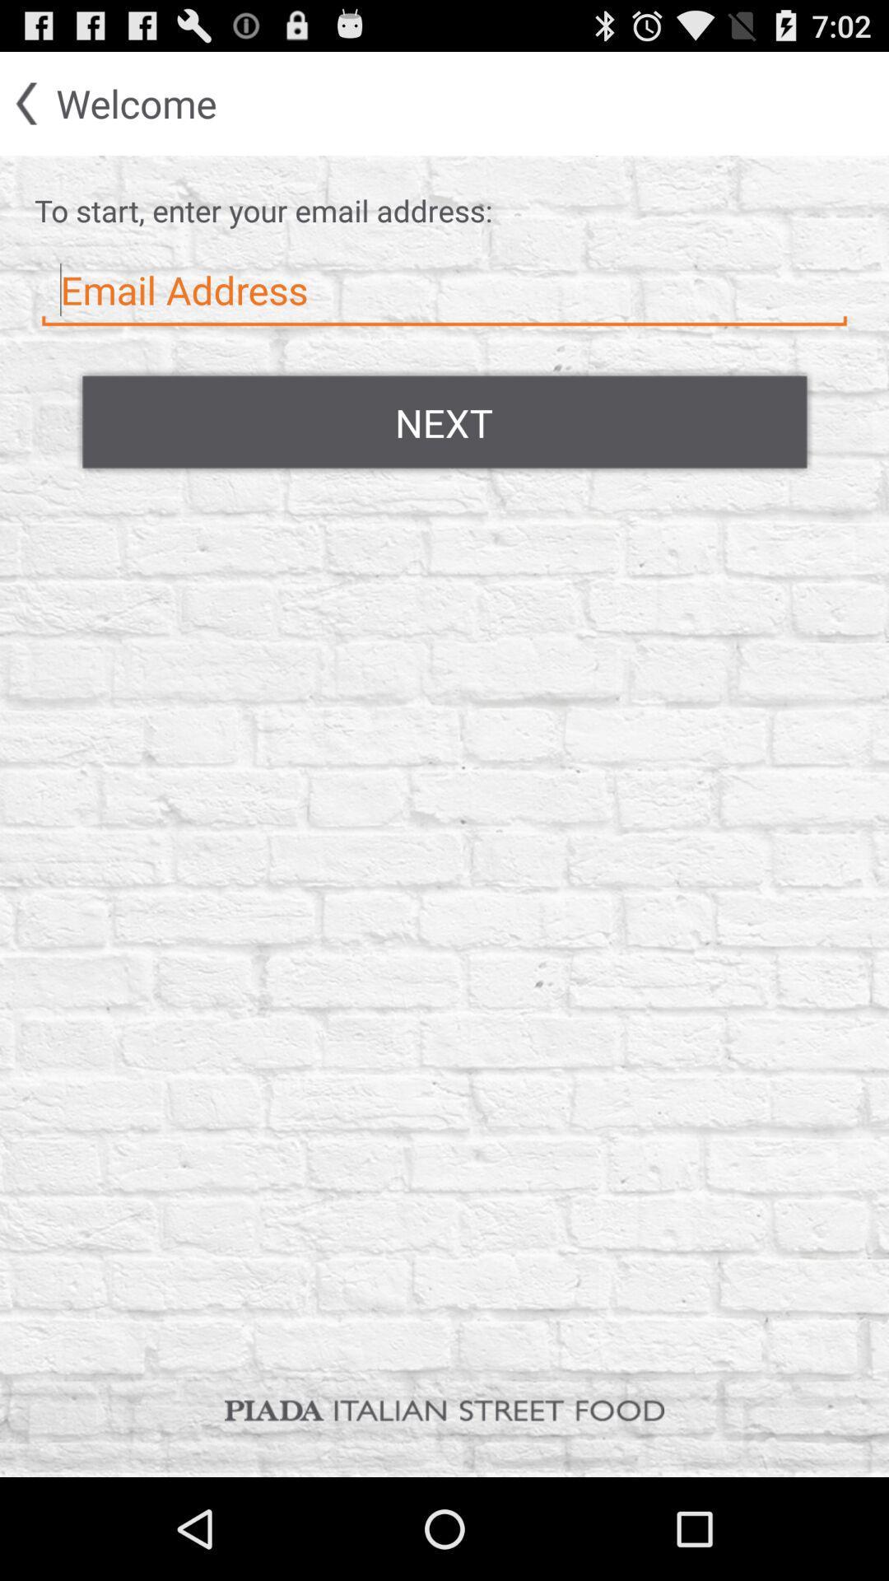 This screenshot has width=889, height=1581. Describe the element at coordinates (444, 291) in the screenshot. I see `email address` at that location.